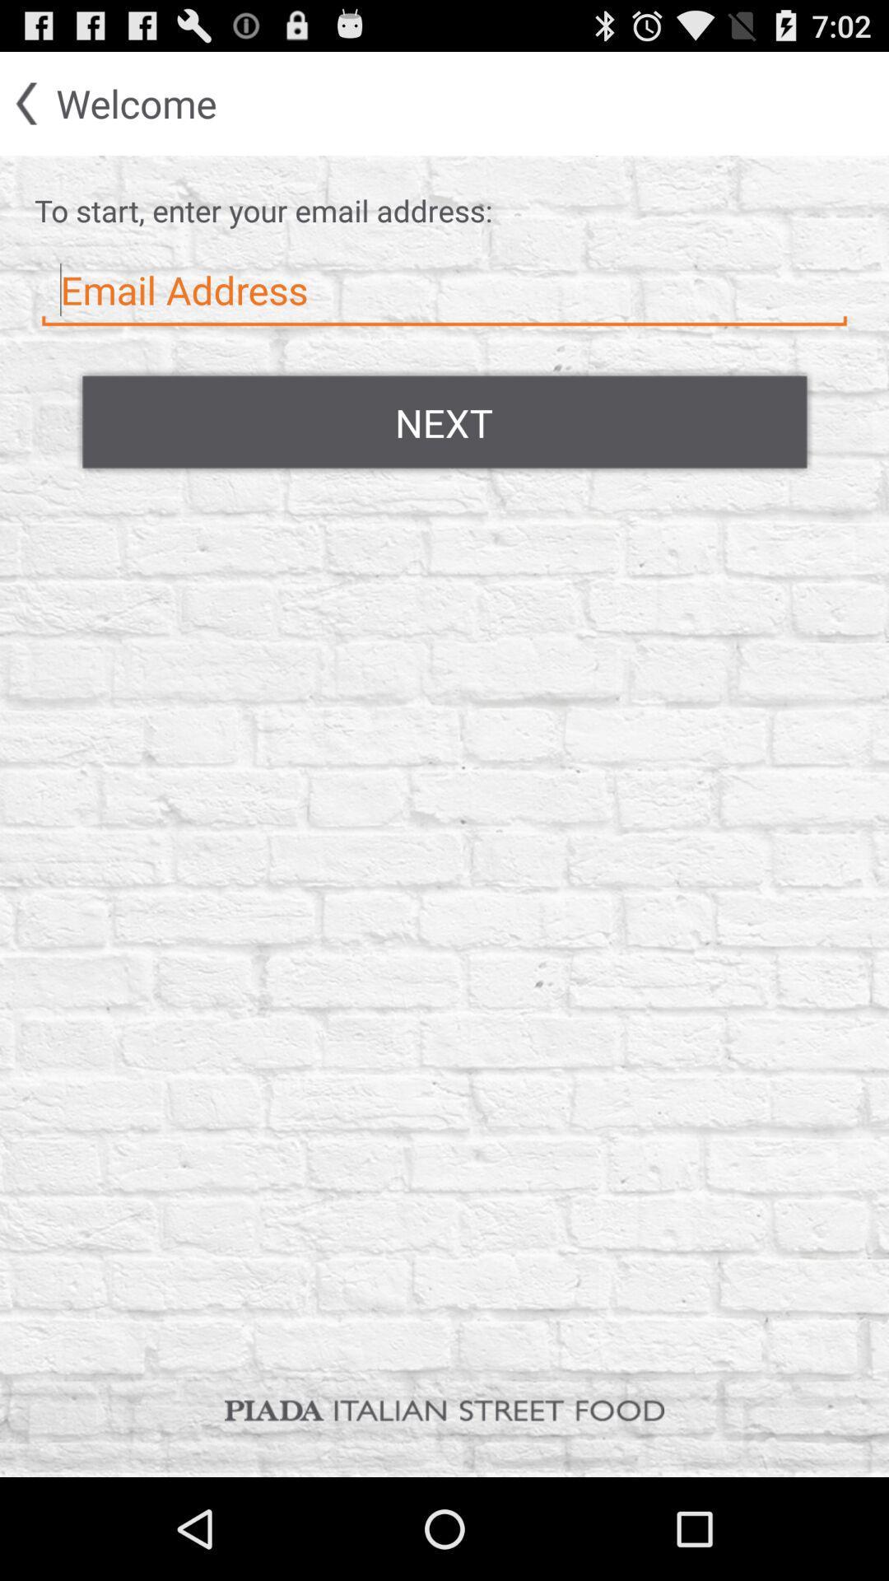 This screenshot has width=889, height=1581. Describe the element at coordinates (444, 291) in the screenshot. I see `email address` at that location.